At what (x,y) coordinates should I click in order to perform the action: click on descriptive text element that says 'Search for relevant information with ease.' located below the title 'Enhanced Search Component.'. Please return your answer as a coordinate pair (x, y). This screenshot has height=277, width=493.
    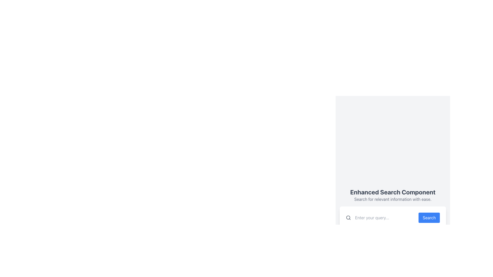
    Looking at the image, I should click on (393, 199).